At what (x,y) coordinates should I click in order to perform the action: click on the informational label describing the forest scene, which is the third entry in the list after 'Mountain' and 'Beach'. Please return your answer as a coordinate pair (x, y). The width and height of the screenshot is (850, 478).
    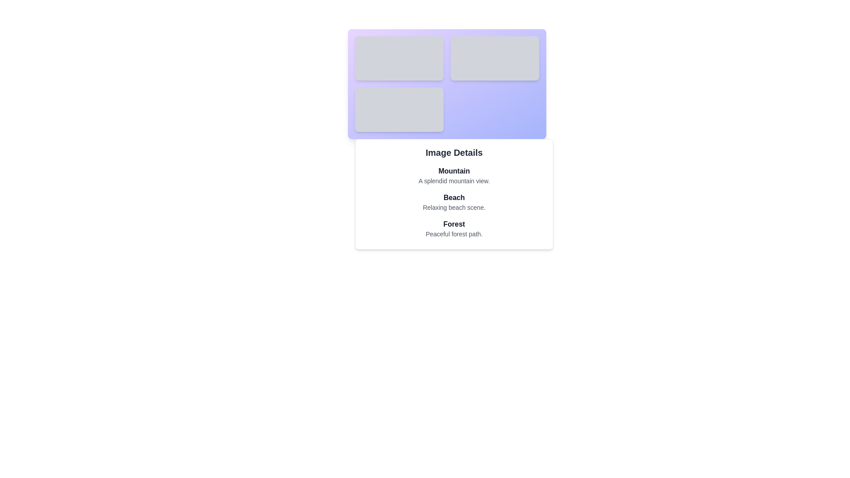
    Looking at the image, I should click on (454, 228).